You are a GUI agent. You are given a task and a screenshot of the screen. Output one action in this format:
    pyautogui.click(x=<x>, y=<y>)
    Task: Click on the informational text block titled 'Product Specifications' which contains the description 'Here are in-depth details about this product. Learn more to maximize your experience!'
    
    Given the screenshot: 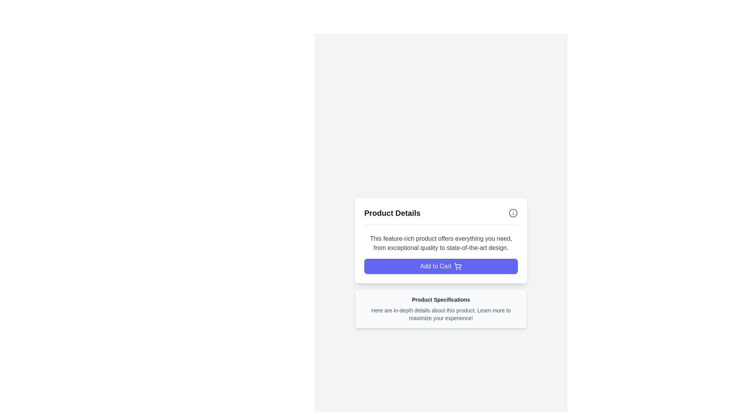 What is the action you would take?
    pyautogui.click(x=441, y=308)
    